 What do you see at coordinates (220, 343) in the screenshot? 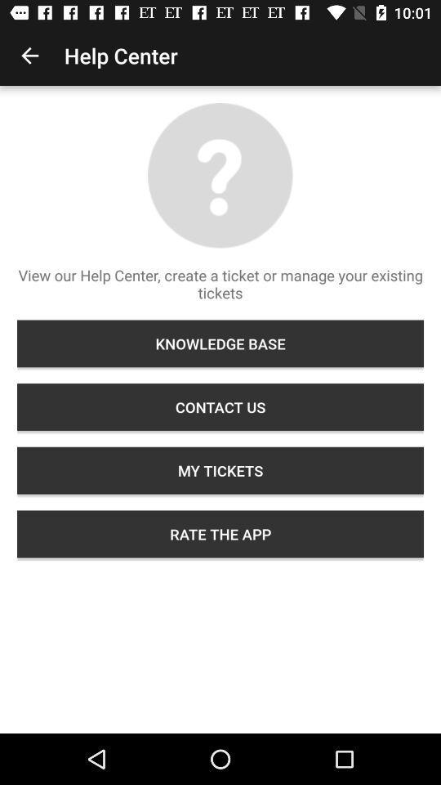
I see `knowledge base` at bounding box center [220, 343].